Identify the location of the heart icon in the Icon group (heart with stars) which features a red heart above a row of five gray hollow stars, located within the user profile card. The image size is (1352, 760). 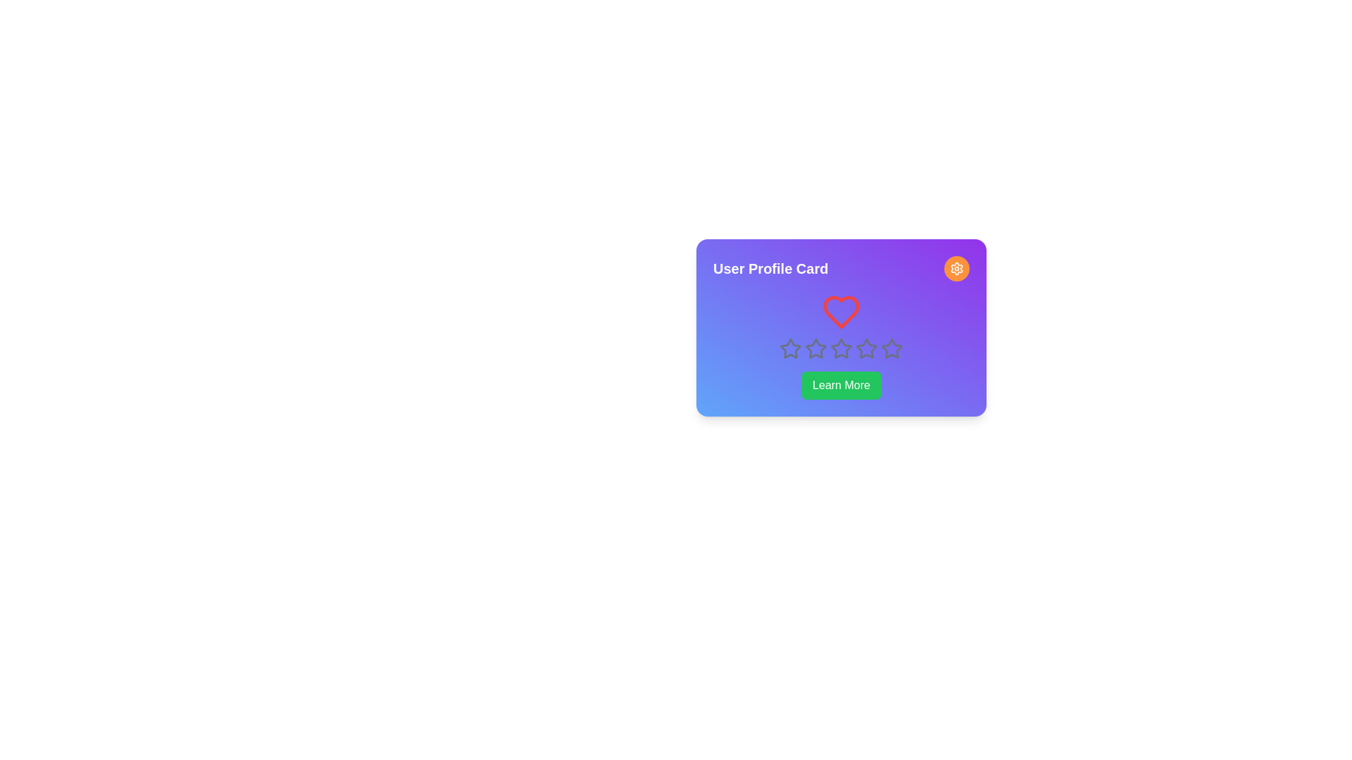
(841, 326).